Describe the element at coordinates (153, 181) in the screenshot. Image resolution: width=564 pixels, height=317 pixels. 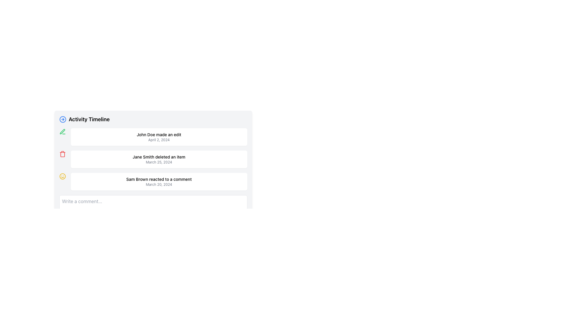
I see `the third entry in the timeline view that informs the user about 'Sam Brown reacted to a comment'` at that location.